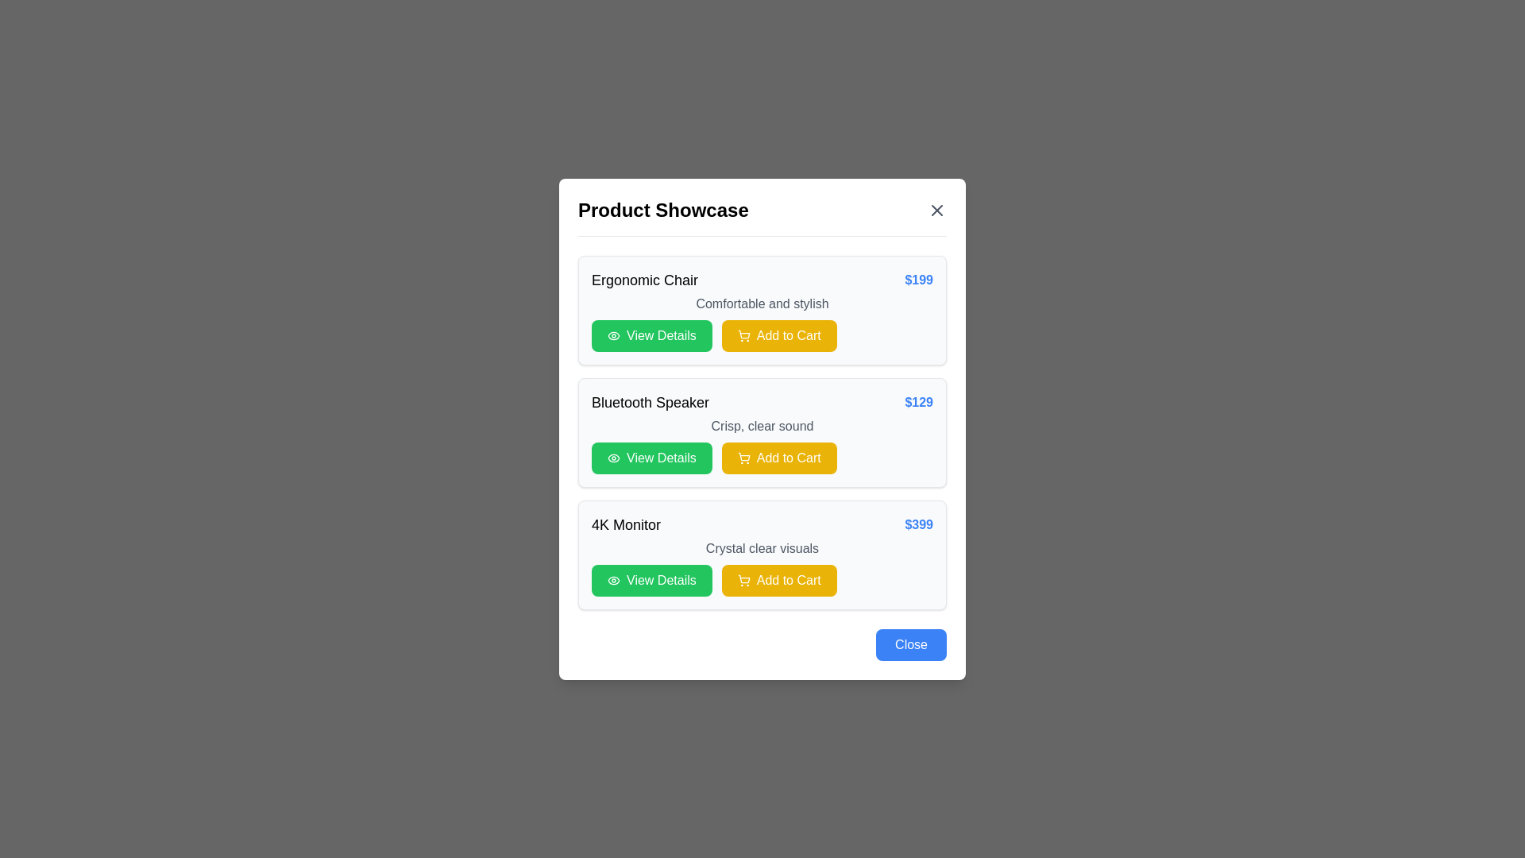 This screenshot has height=858, width=1525. What do you see at coordinates (779, 458) in the screenshot?
I see `the second interactive button for adding the Bluetooth Speaker to the cart, located to the right of the green 'View Details' button` at bounding box center [779, 458].